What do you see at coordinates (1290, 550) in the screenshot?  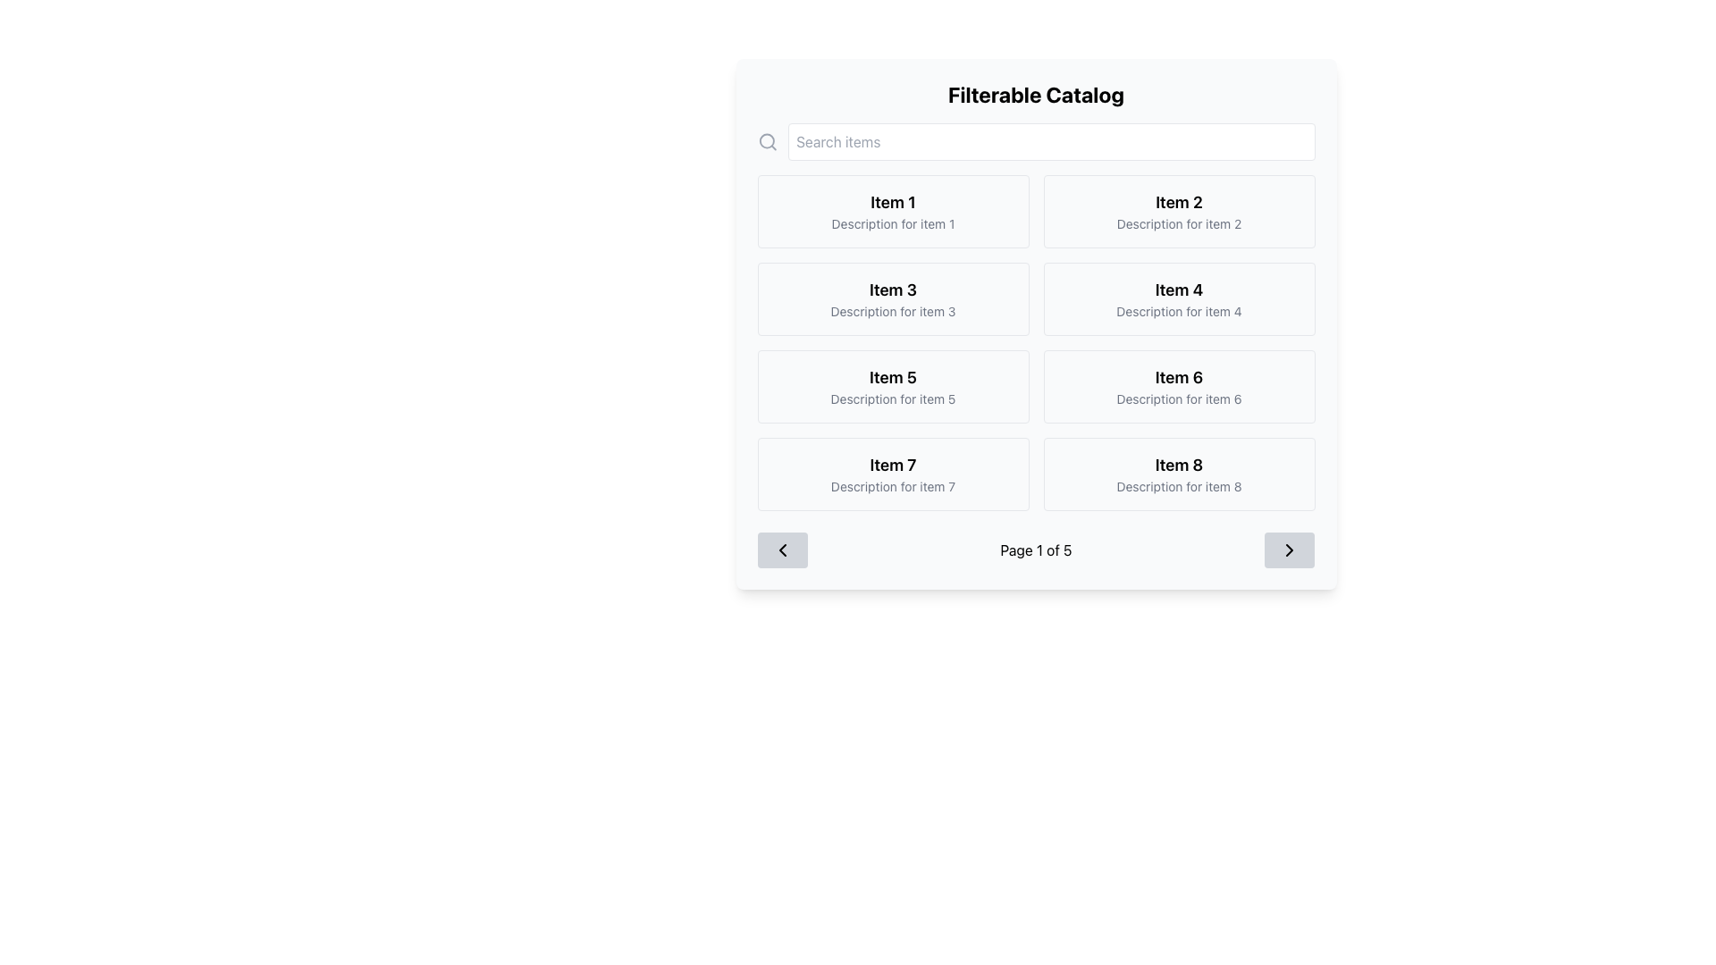 I see `the pagination button with the directional indicator icon` at bounding box center [1290, 550].